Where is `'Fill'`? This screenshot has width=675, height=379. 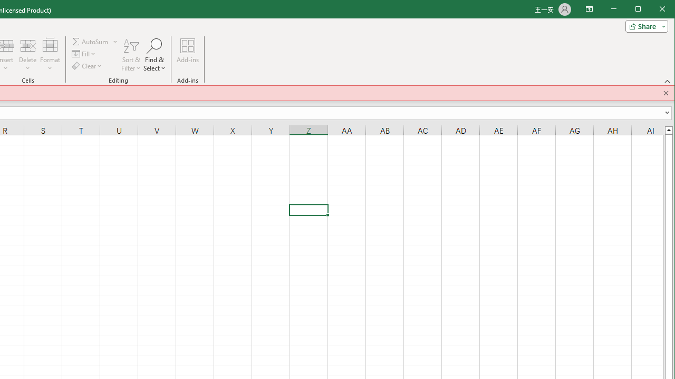
'Fill' is located at coordinates (84, 54).